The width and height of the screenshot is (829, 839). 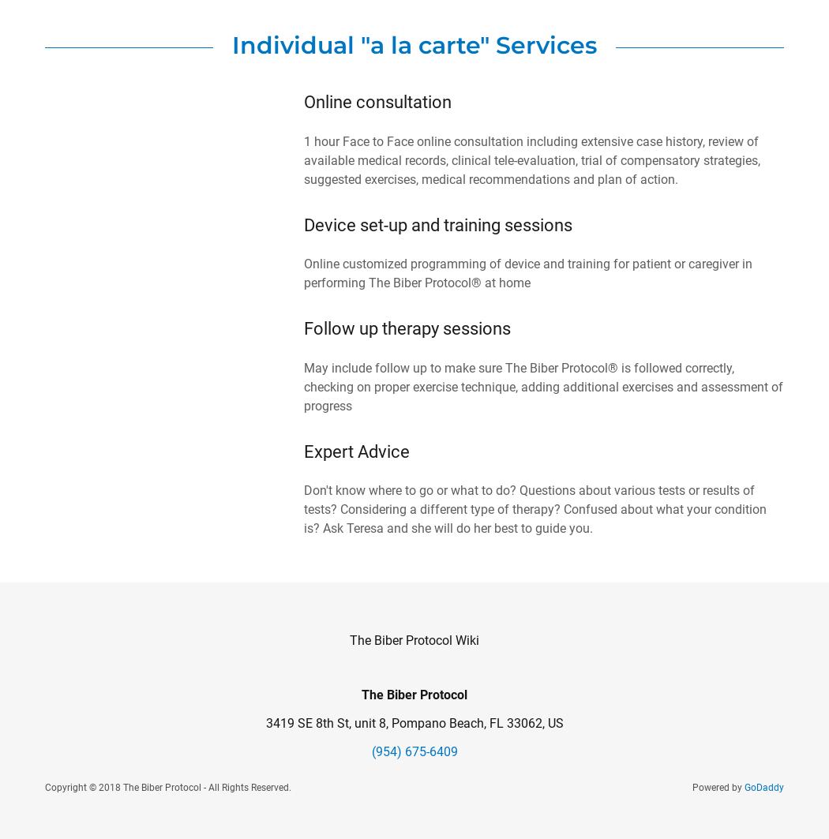 I want to click on 'Online customized programming of device and training for patient or caregiver in performing The Biber Protocol® at home', so click(x=527, y=273).